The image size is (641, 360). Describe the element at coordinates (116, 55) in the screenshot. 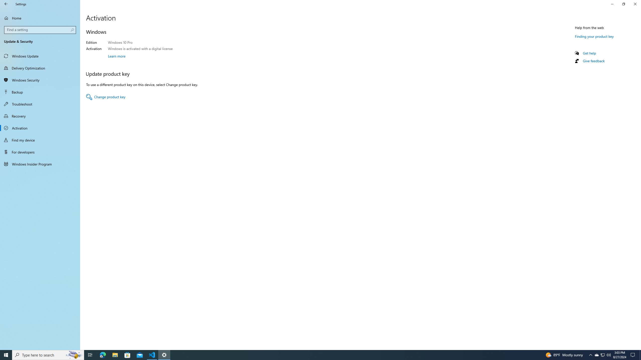

I see `'Learn more about Windows activation'` at that location.